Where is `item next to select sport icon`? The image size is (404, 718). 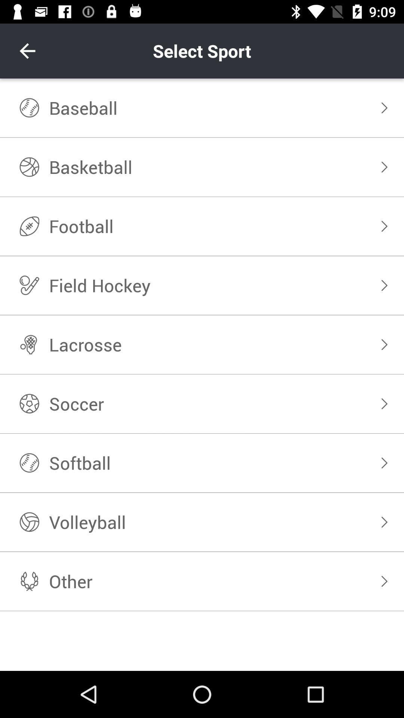 item next to select sport icon is located at coordinates (27, 50).